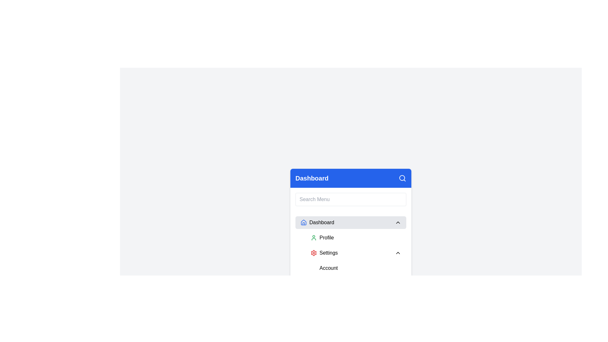  I want to click on the menu item that redirects to the dashboard view, located below the 'Dashboard' header and above 'Profile' and 'Settings', so click(317, 222).